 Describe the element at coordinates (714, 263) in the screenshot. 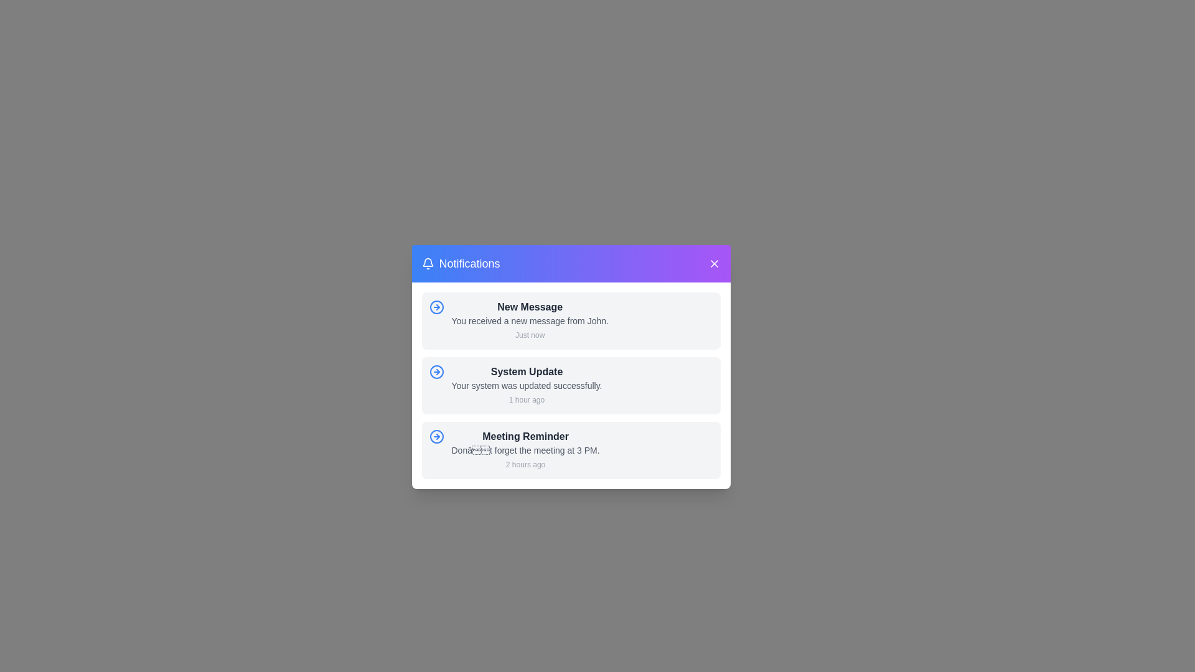

I see `the close button located in the top-right corner of the notification popup` at that location.